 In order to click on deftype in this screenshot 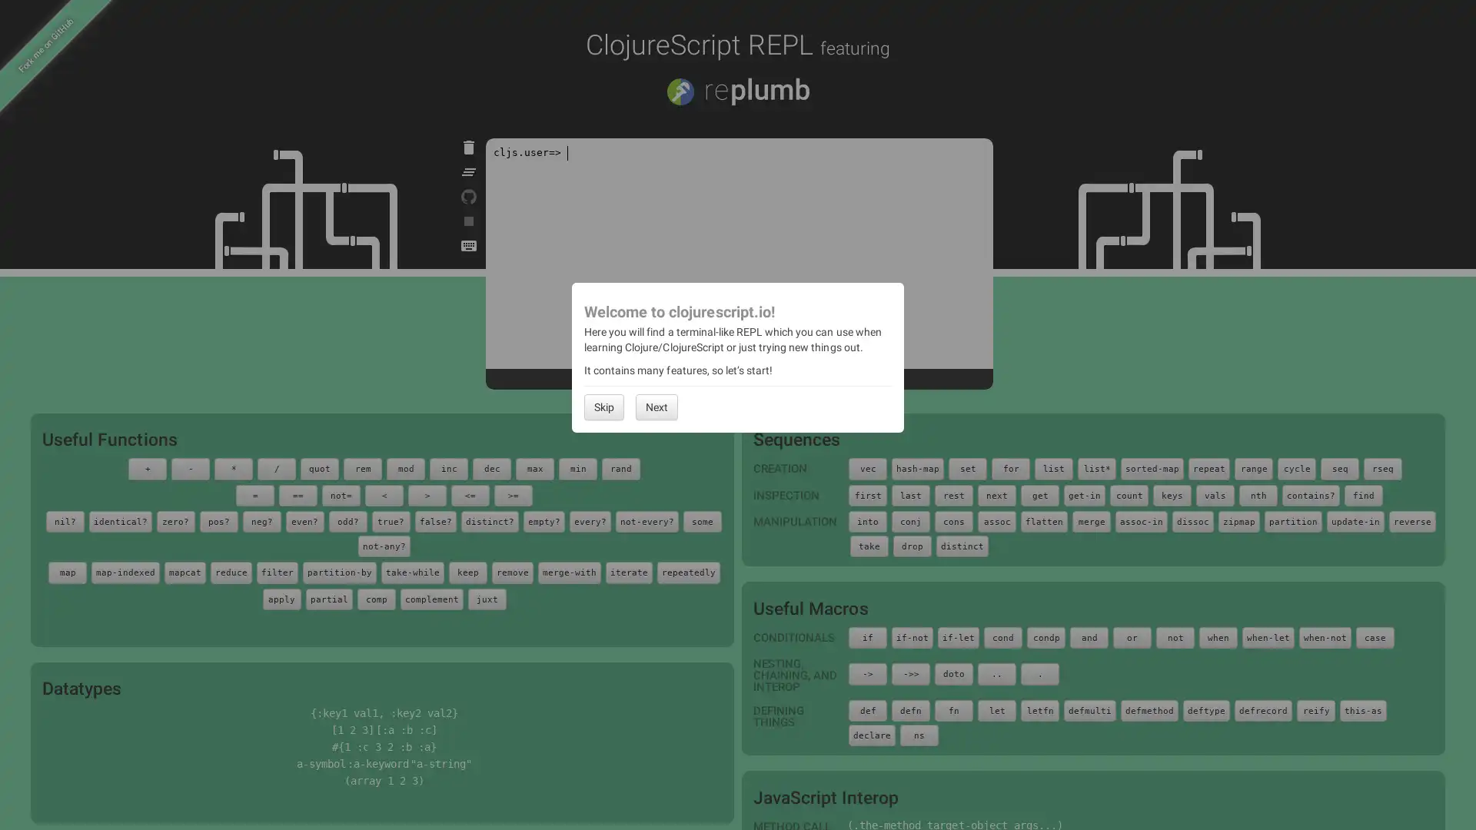, I will do `click(1205, 710)`.